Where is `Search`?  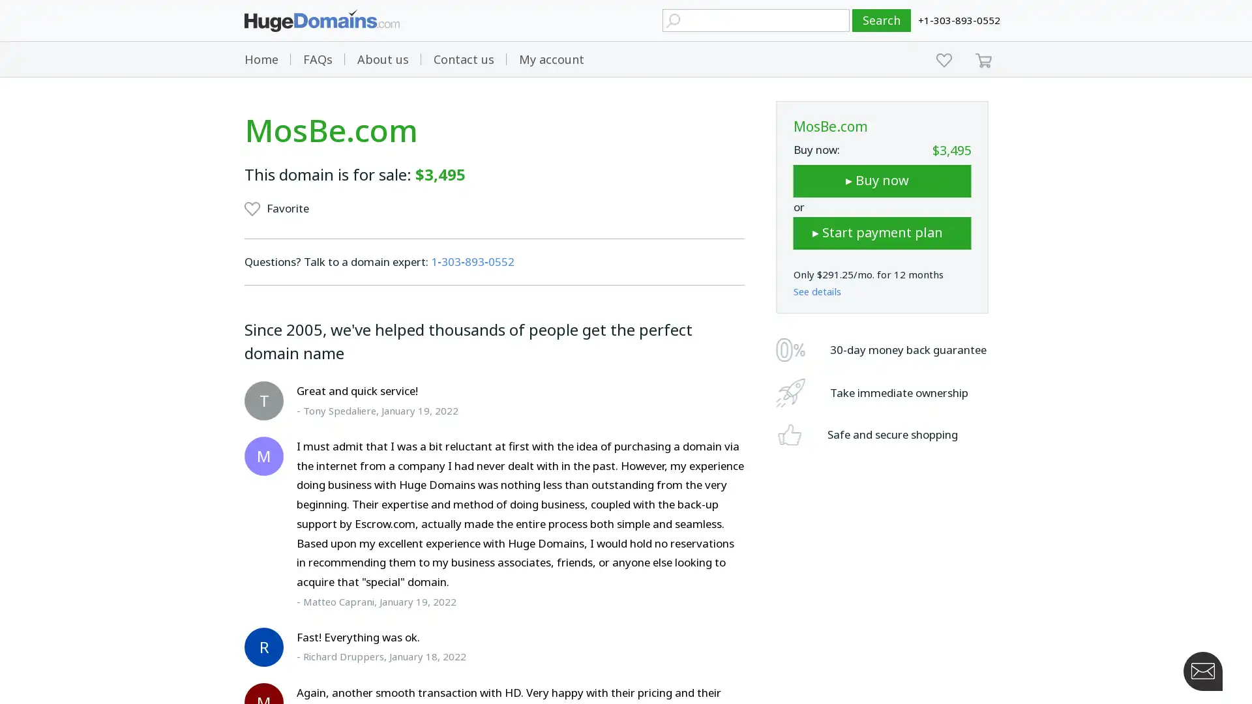
Search is located at coordinates (882, 20).